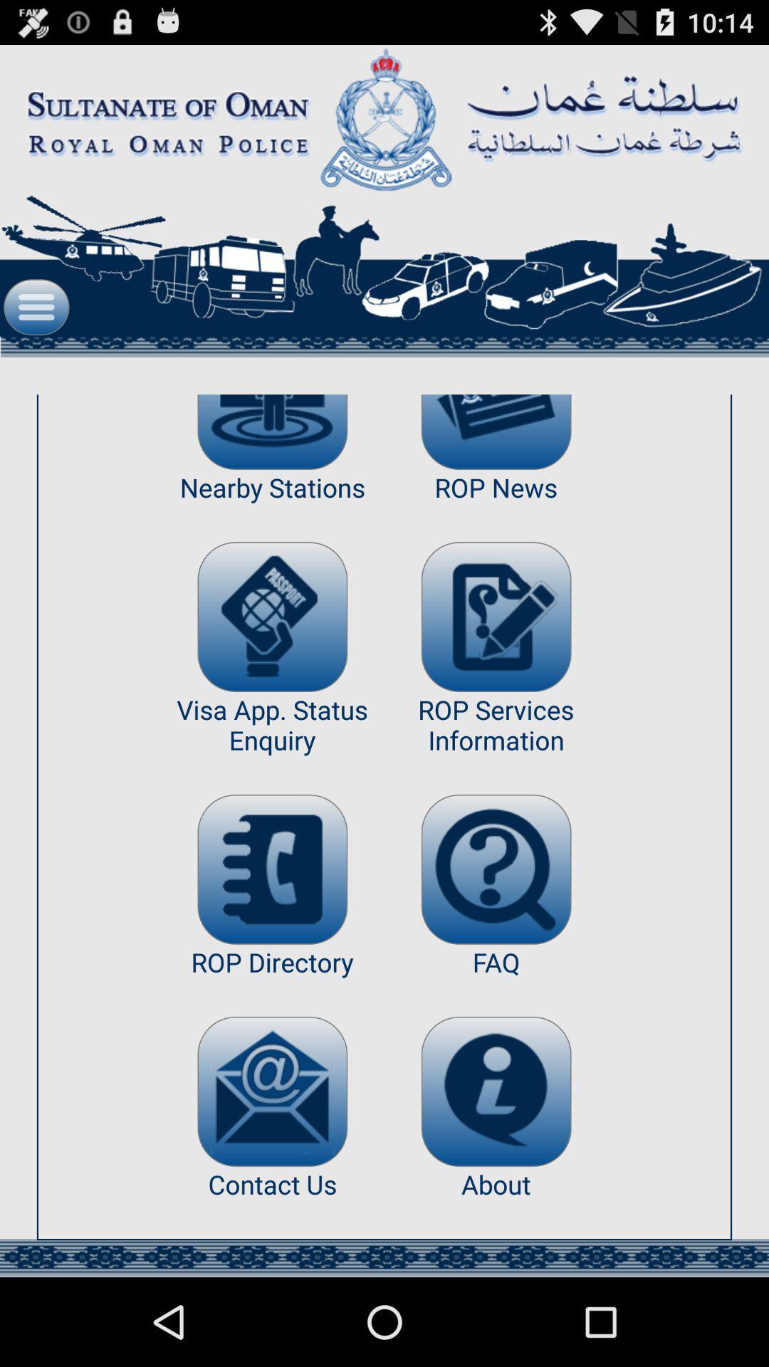  I want to click on more info on visa status, so click(272, 617).